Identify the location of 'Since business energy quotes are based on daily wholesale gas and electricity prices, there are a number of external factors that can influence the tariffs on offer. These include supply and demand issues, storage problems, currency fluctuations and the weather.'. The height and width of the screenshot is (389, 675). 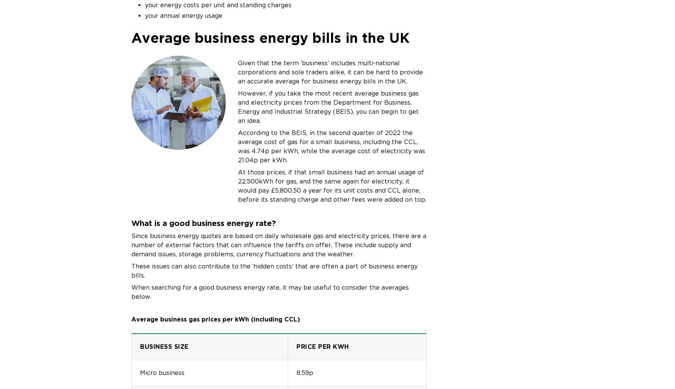
(278, 245).